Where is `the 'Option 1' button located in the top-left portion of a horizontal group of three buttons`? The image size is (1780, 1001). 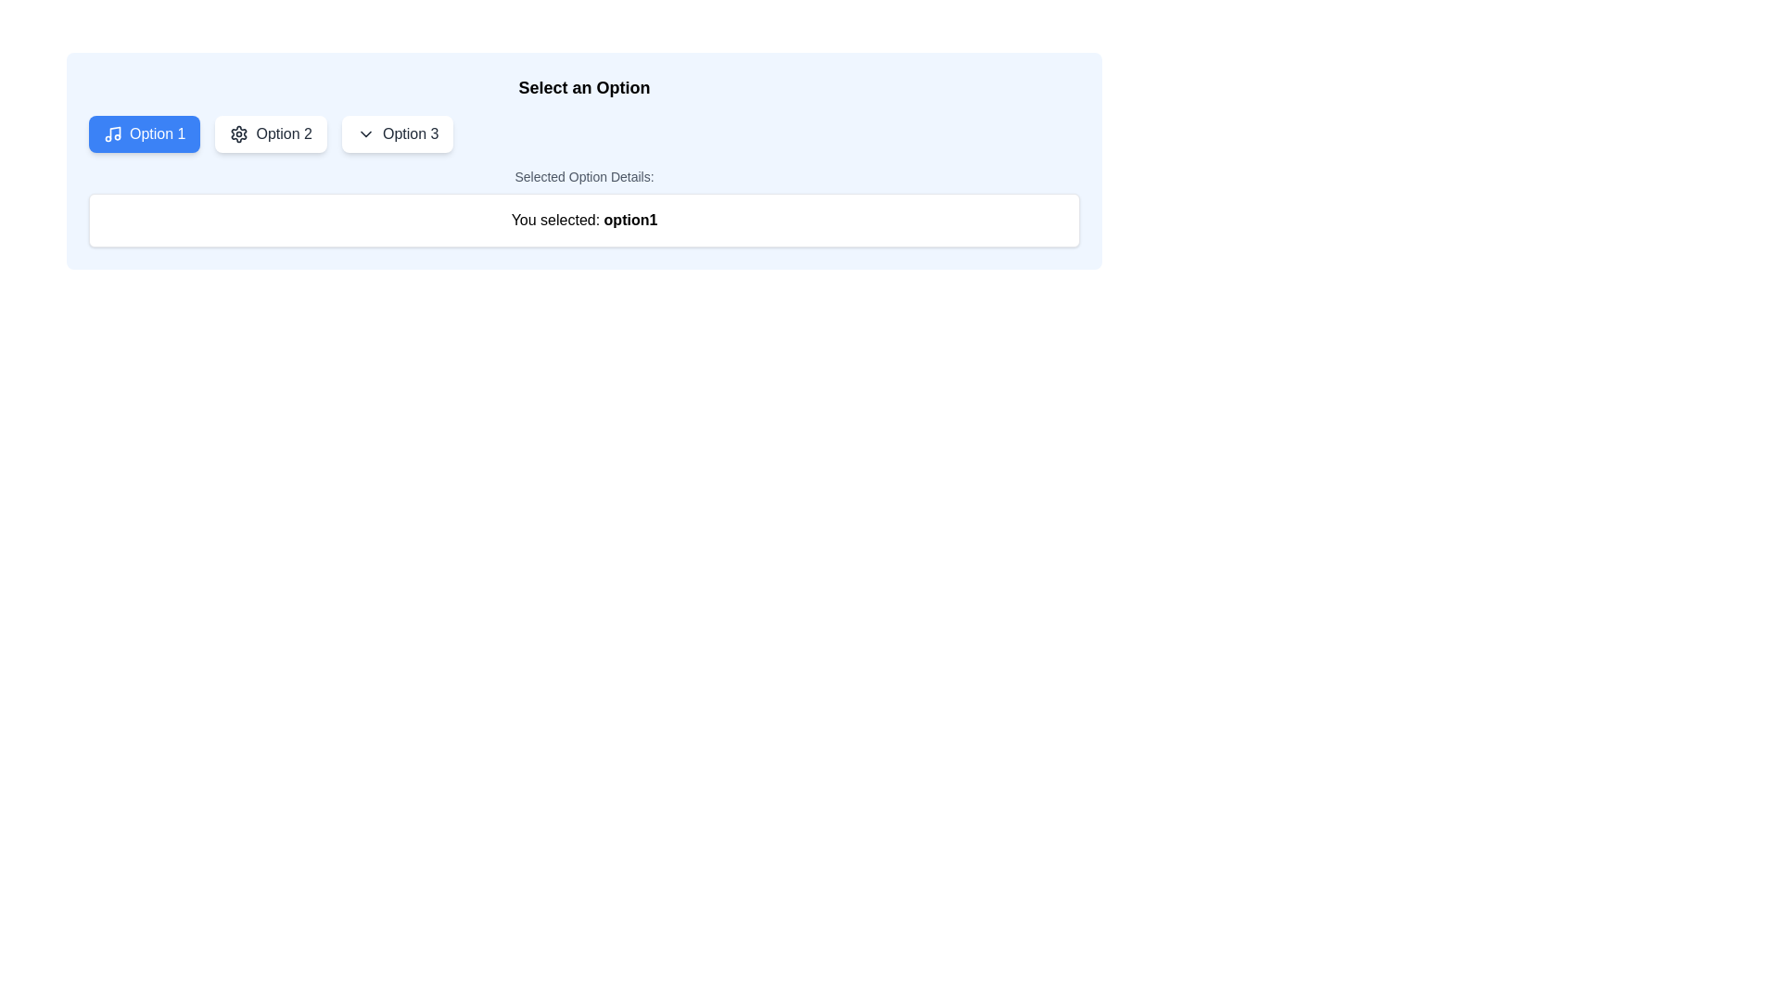 the 'Option 1' button located in the top-left portion of a horizontal group of three buttons is located at coordinates (144, 133).